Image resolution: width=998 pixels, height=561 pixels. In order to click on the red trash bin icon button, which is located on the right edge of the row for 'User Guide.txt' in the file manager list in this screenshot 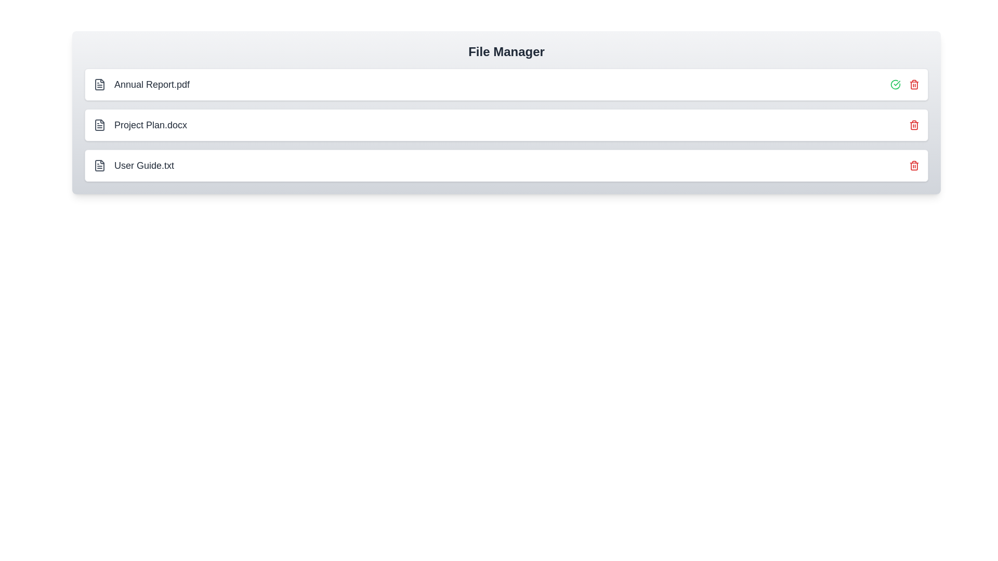, I will do `click(913, 165)`.